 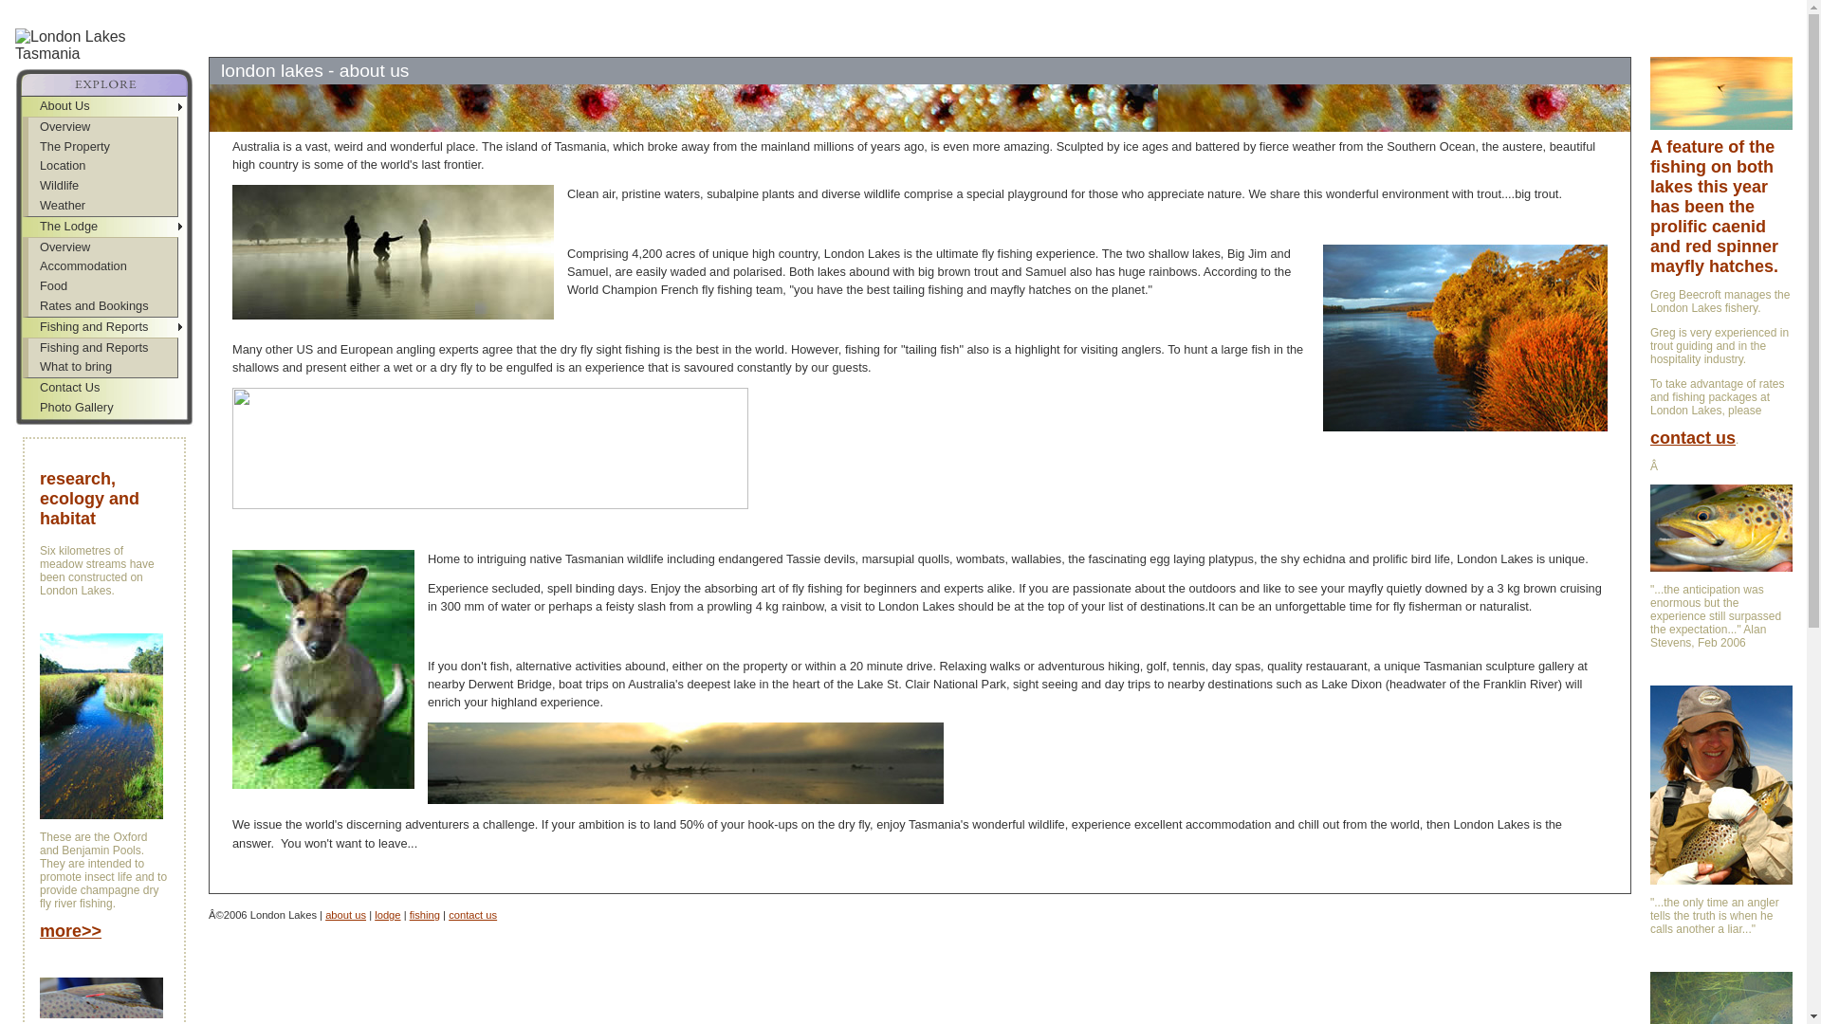 I want to click on 'contact us', so click(x=1693, y=439).